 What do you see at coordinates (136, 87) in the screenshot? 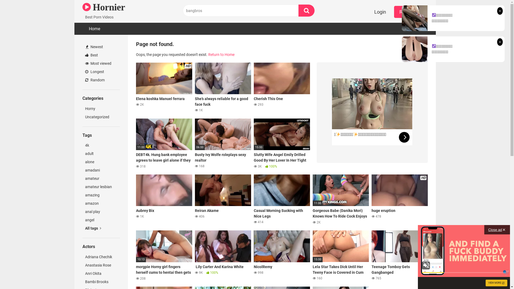
I see `'HD` at bounding box center [136, 87].